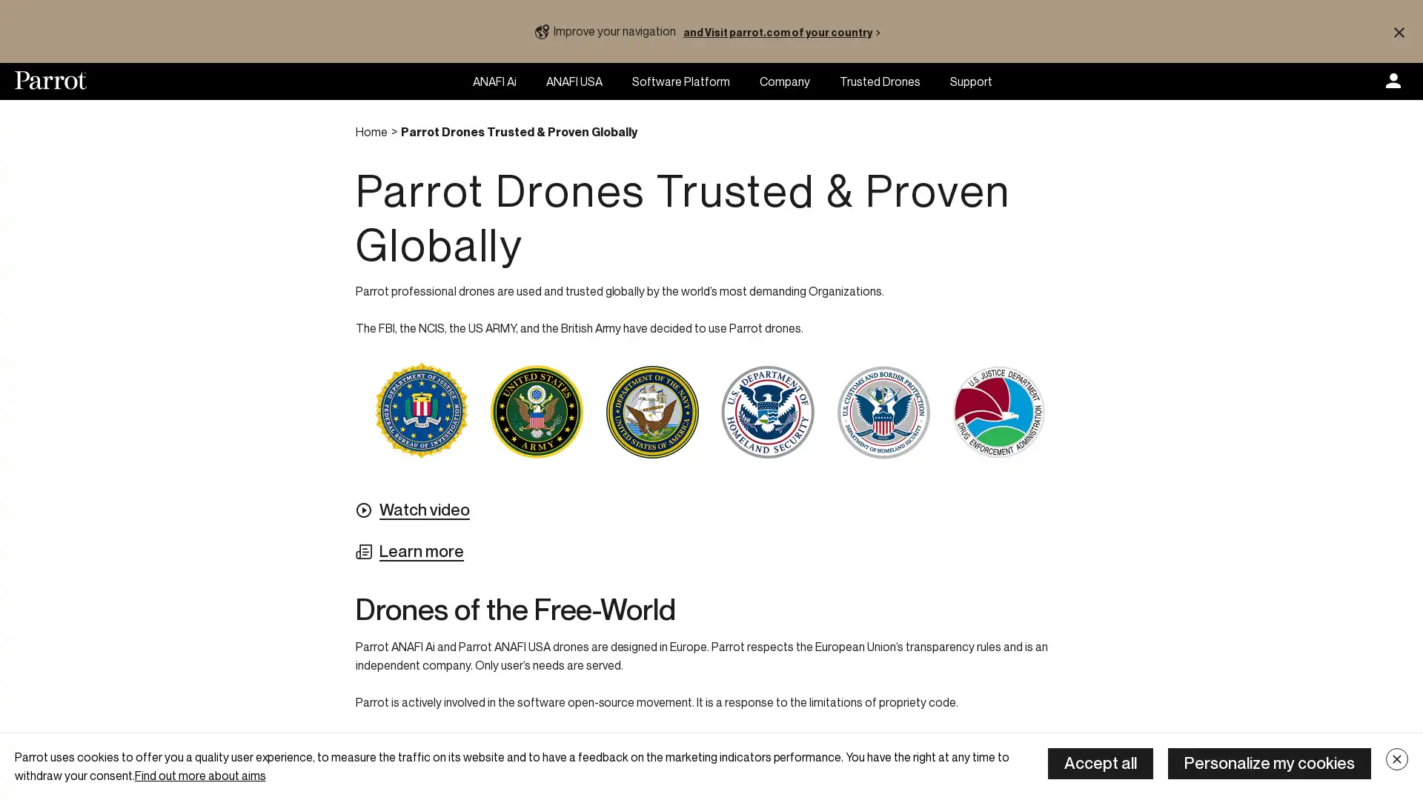  What do you see at coordinates (1393, 81) in the screenshot?
I see `my-parrot` at bounding box center [1393, 81].